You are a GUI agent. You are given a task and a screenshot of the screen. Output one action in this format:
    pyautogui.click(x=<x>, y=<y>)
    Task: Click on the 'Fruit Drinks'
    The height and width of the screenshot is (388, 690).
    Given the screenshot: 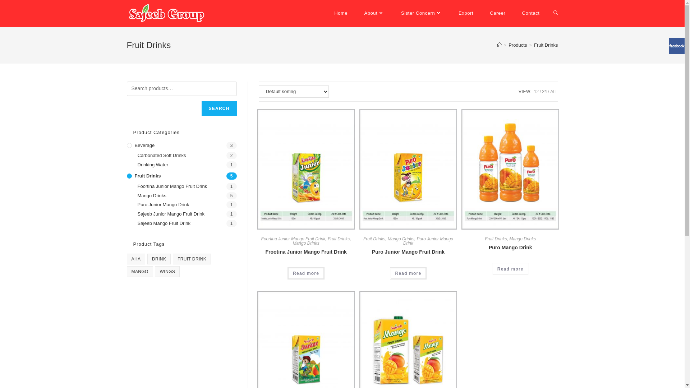 What is the action you would take?
    pyautogui.click(x=546, y=45)
    